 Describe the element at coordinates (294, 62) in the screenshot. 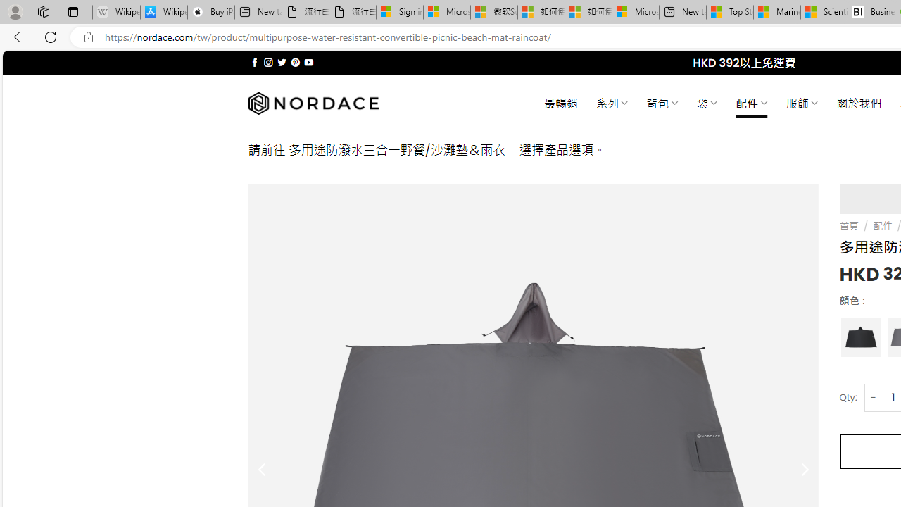

I see `'Follow on Pinterest'` at that location.